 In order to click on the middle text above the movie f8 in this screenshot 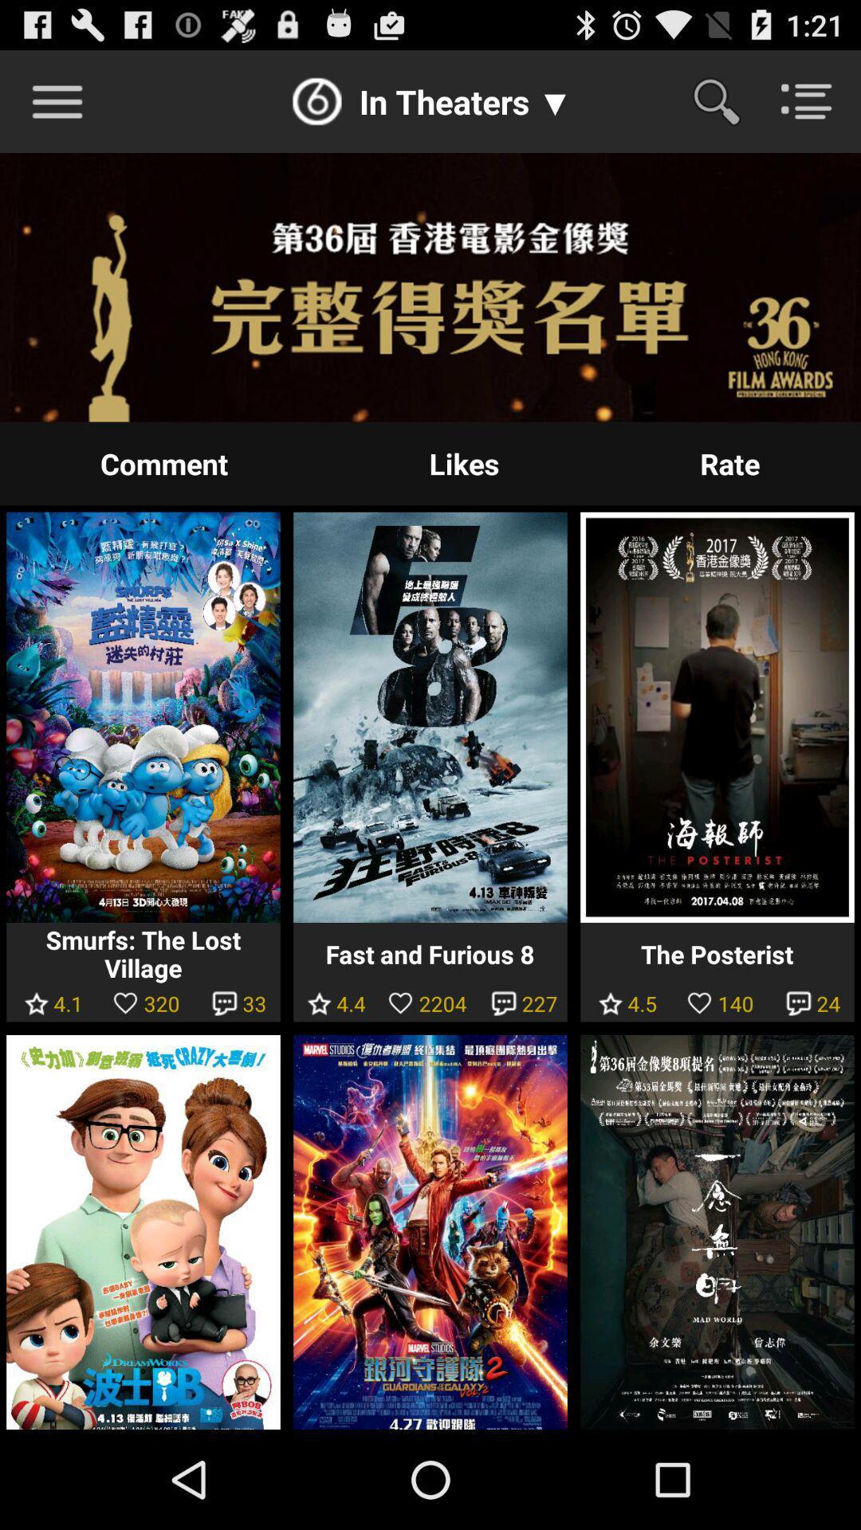, I will do `click(464, 462)`.